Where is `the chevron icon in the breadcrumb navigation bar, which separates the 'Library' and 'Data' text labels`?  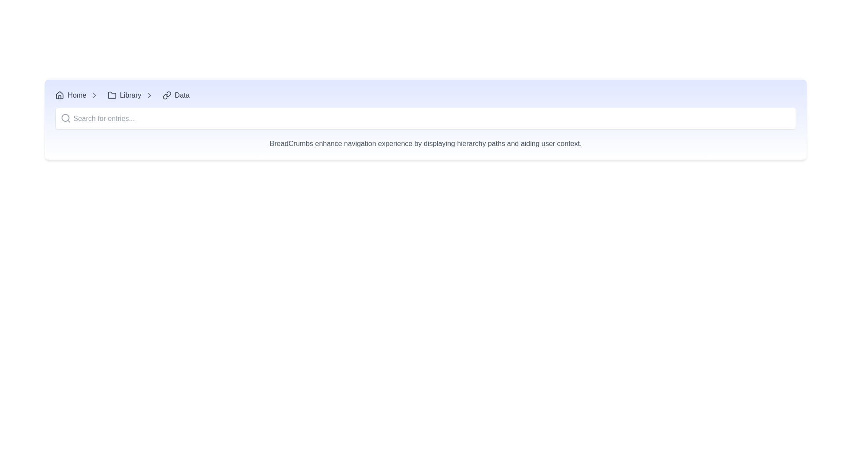 the chevron icon in the breadcrumb navigation bar, which separates the 'Library' and 'Data' text labels is located at coordinates (94, 95).